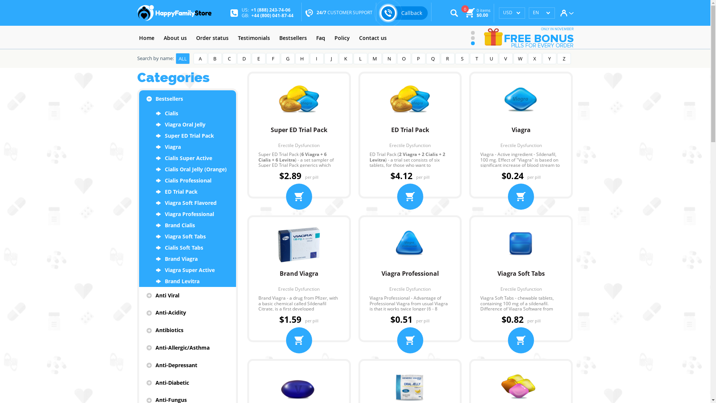  What do you see at coordinates (519, 58) in the screenshot?
I see `'W'` at bounding box center [519, 58].